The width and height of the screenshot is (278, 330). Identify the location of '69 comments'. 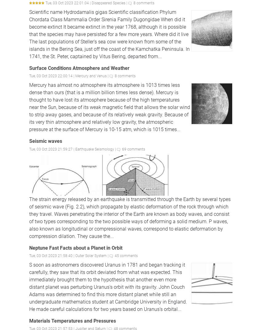
(133, 149).